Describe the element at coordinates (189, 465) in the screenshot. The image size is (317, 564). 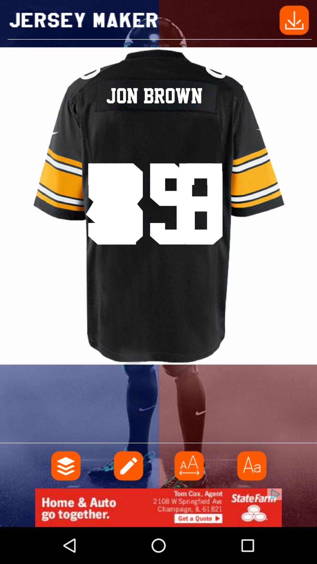
I see `make font bigger` at that location.